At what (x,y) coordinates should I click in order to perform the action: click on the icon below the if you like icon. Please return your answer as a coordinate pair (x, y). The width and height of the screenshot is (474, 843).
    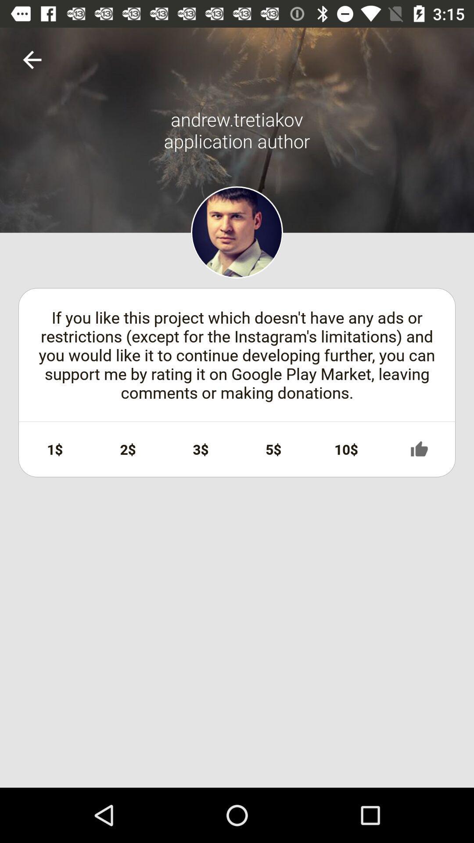
    Looking at the image, I should click on (55, 449).